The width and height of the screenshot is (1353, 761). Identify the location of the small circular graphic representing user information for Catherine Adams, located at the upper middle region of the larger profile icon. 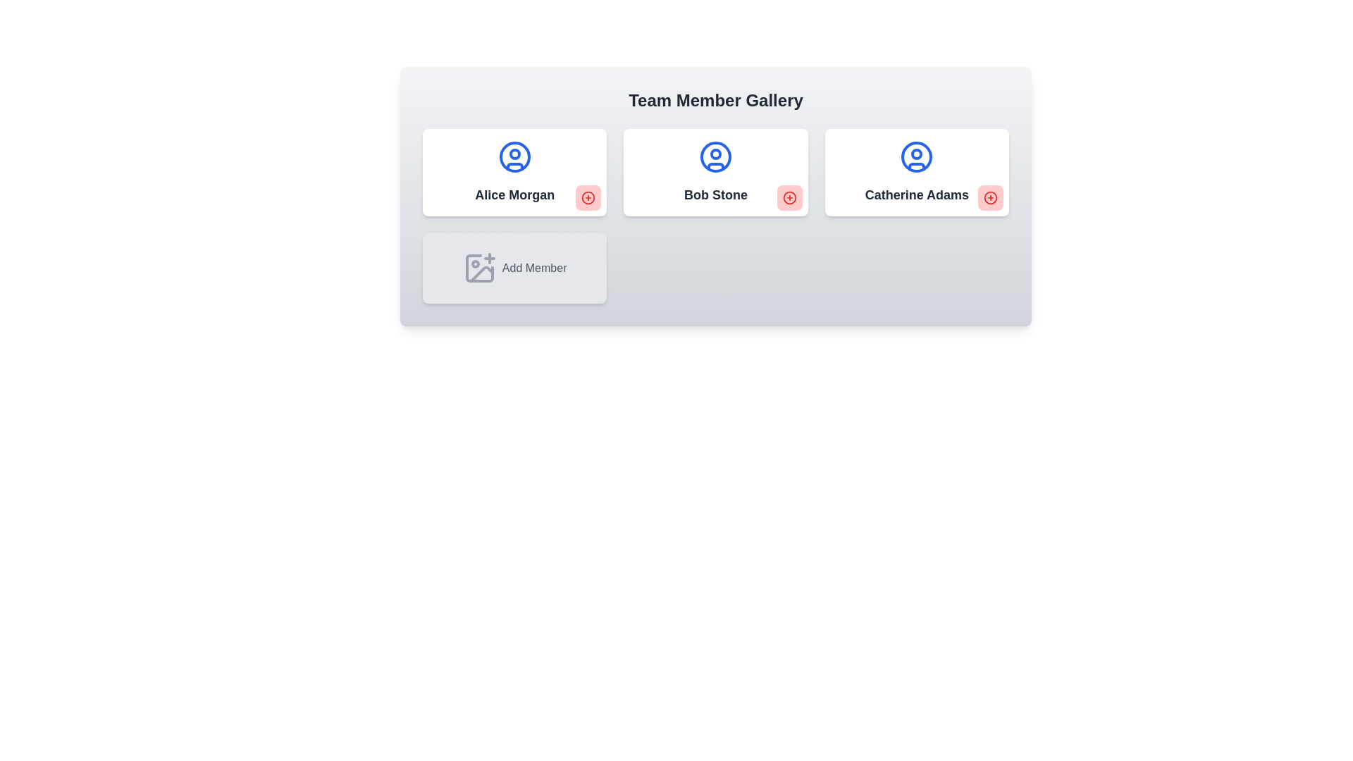
(916, 154).